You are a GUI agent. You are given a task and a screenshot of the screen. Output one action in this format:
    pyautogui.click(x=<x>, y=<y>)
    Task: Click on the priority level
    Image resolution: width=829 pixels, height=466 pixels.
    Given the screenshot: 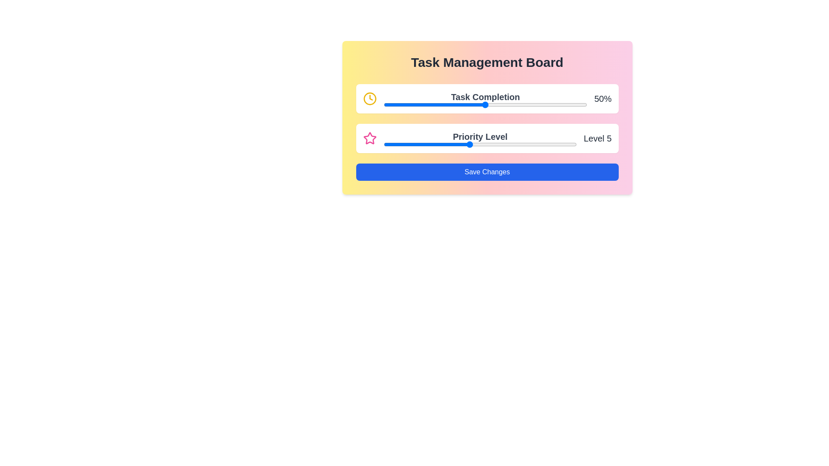 What is the action you would take?
    pyautogui.click(x=555, y=144)
    